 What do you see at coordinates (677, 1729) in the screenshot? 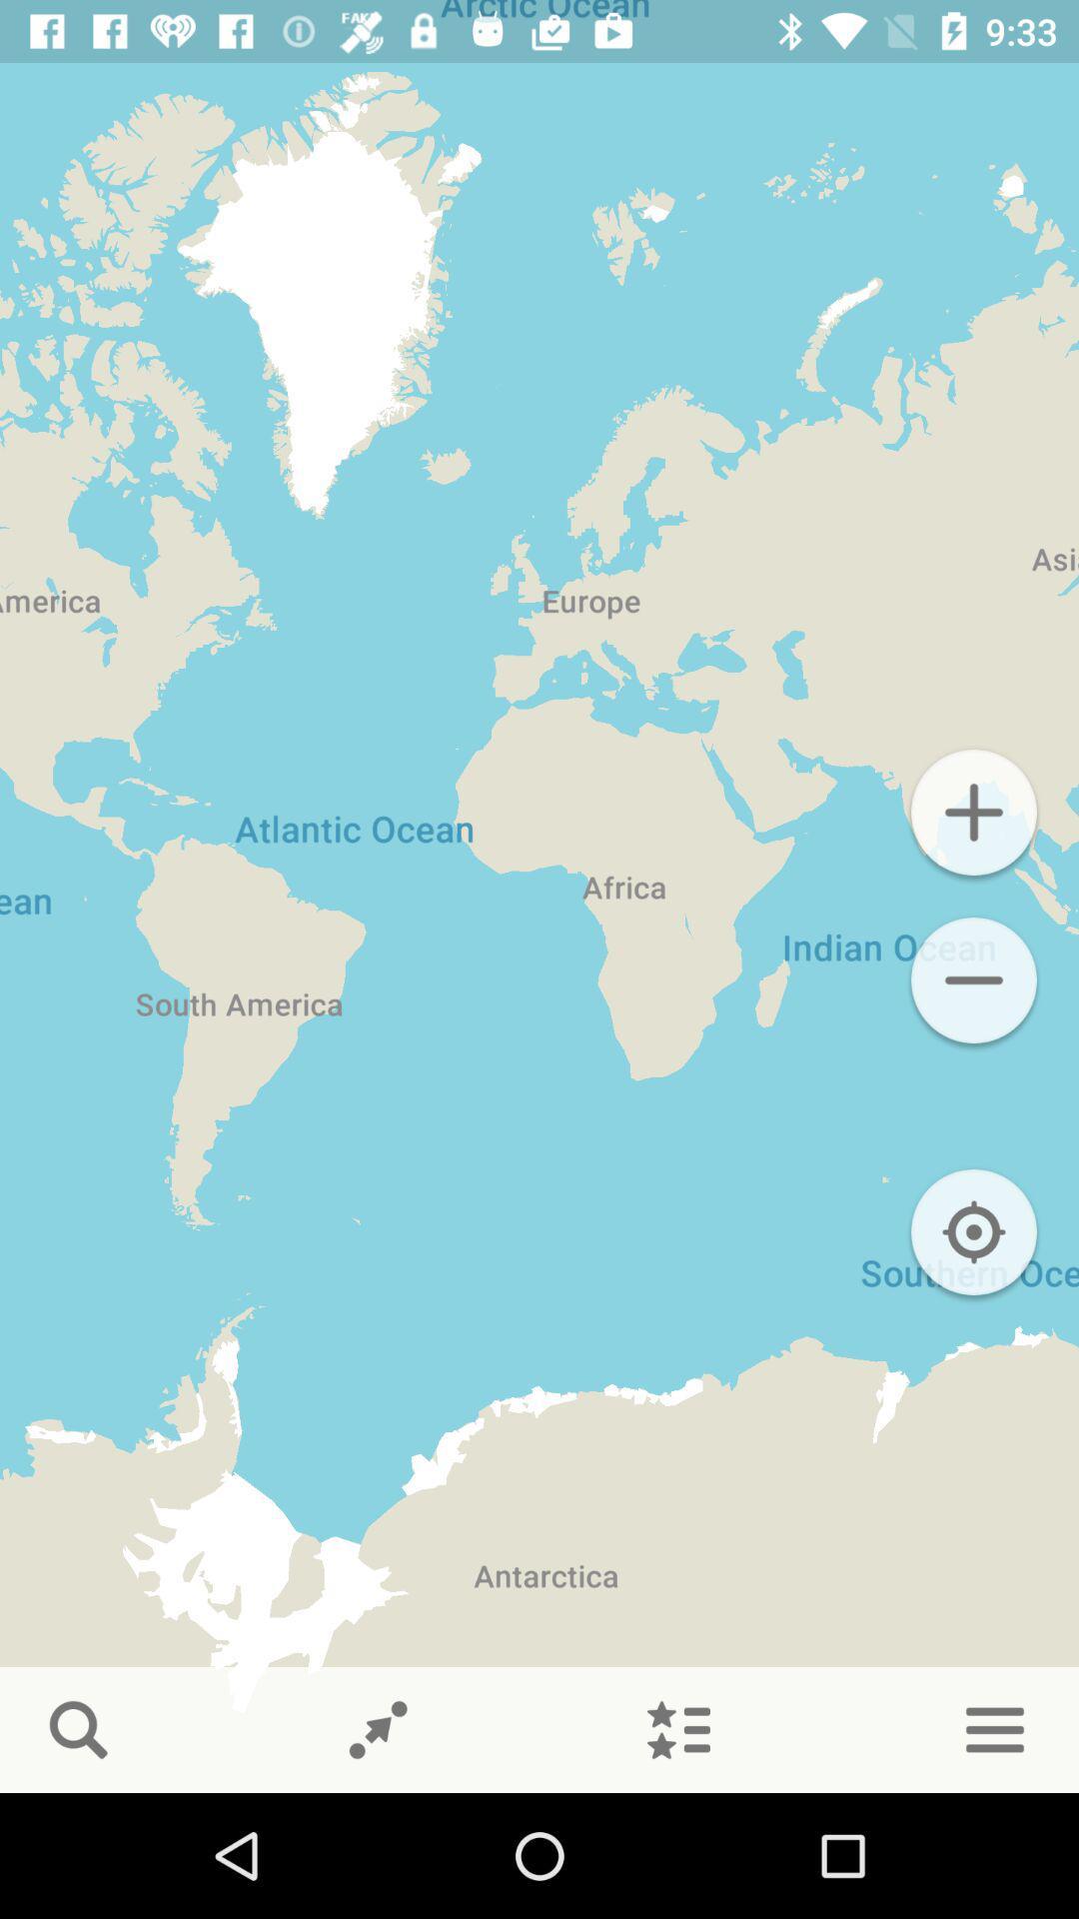
I see `show starred places` at bounding box center [677, 1729].